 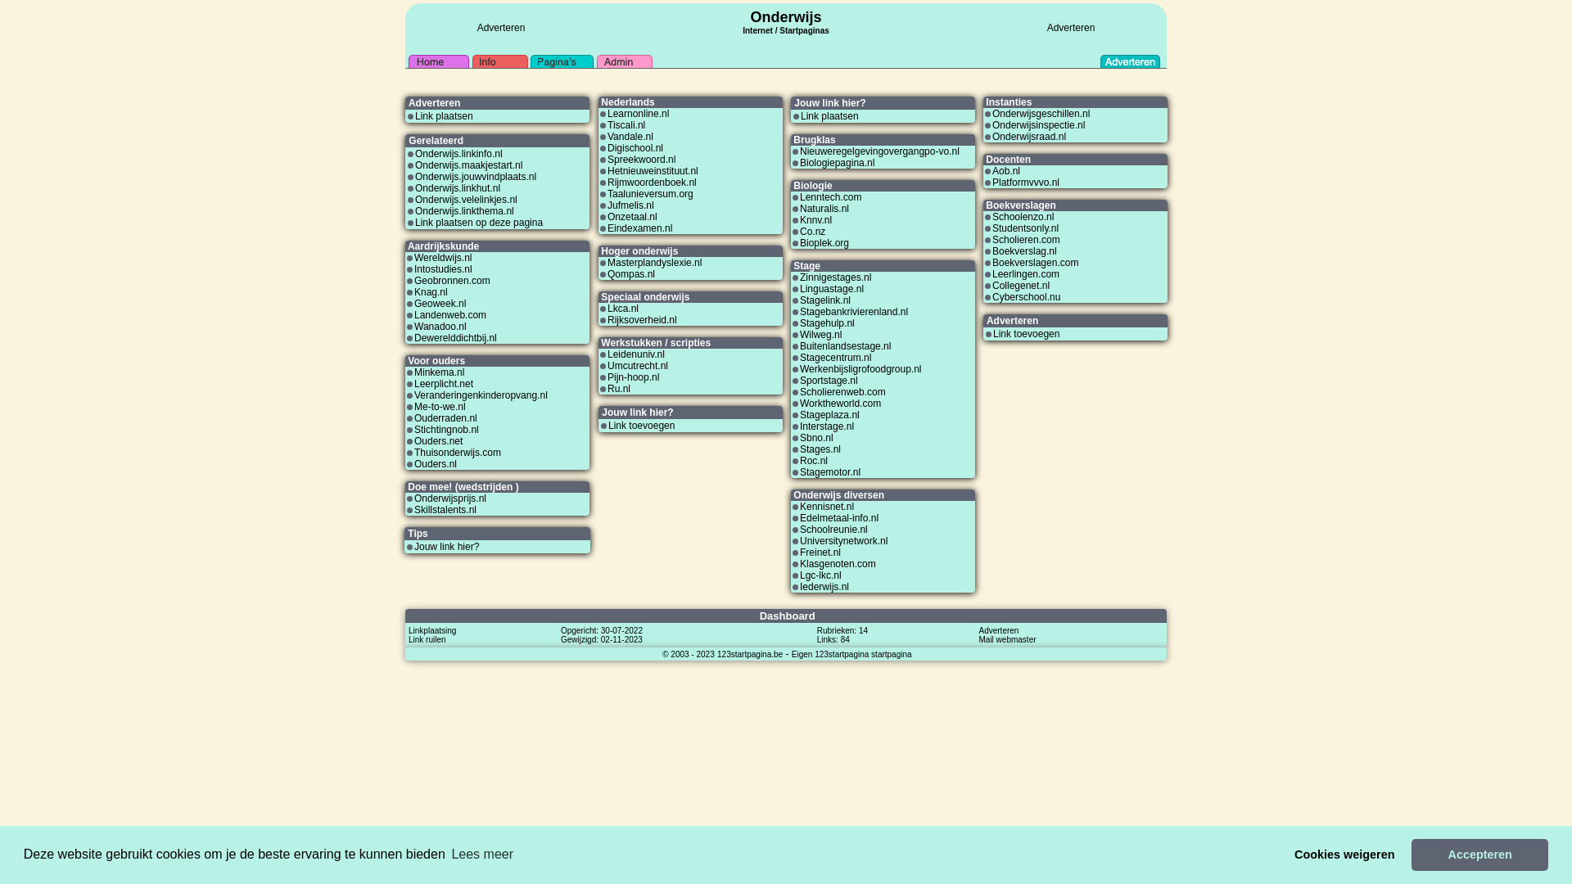 I want to click on 'Ouders.nl', so click(x=436, y=464).